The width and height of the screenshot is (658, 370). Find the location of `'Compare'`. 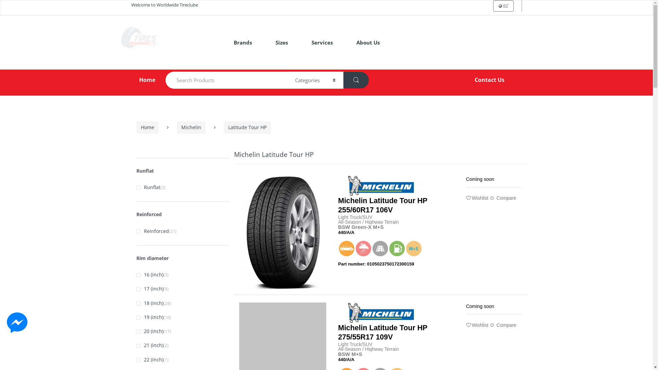

'Compare' is located at coordinates (503, 198).